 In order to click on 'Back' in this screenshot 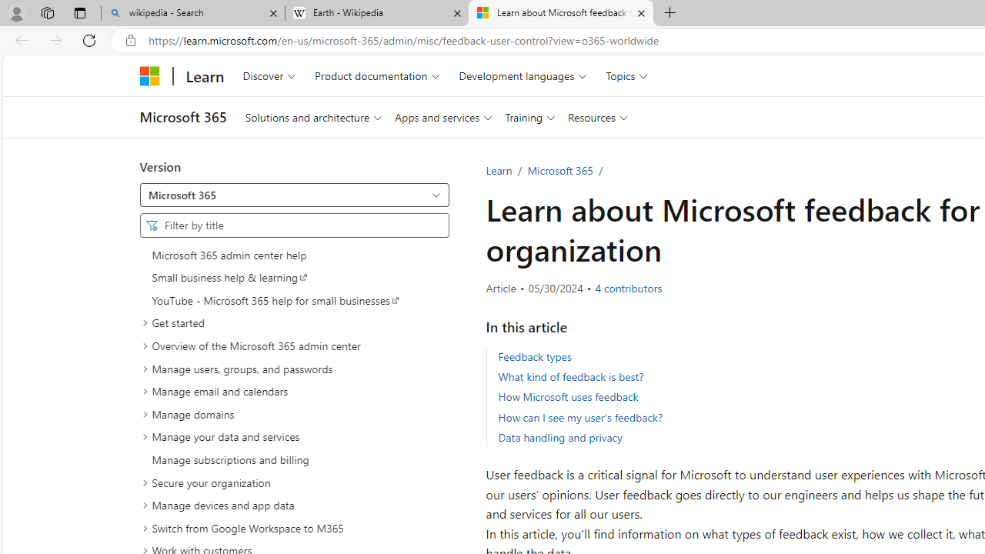, I will do `click(18, 39)`.